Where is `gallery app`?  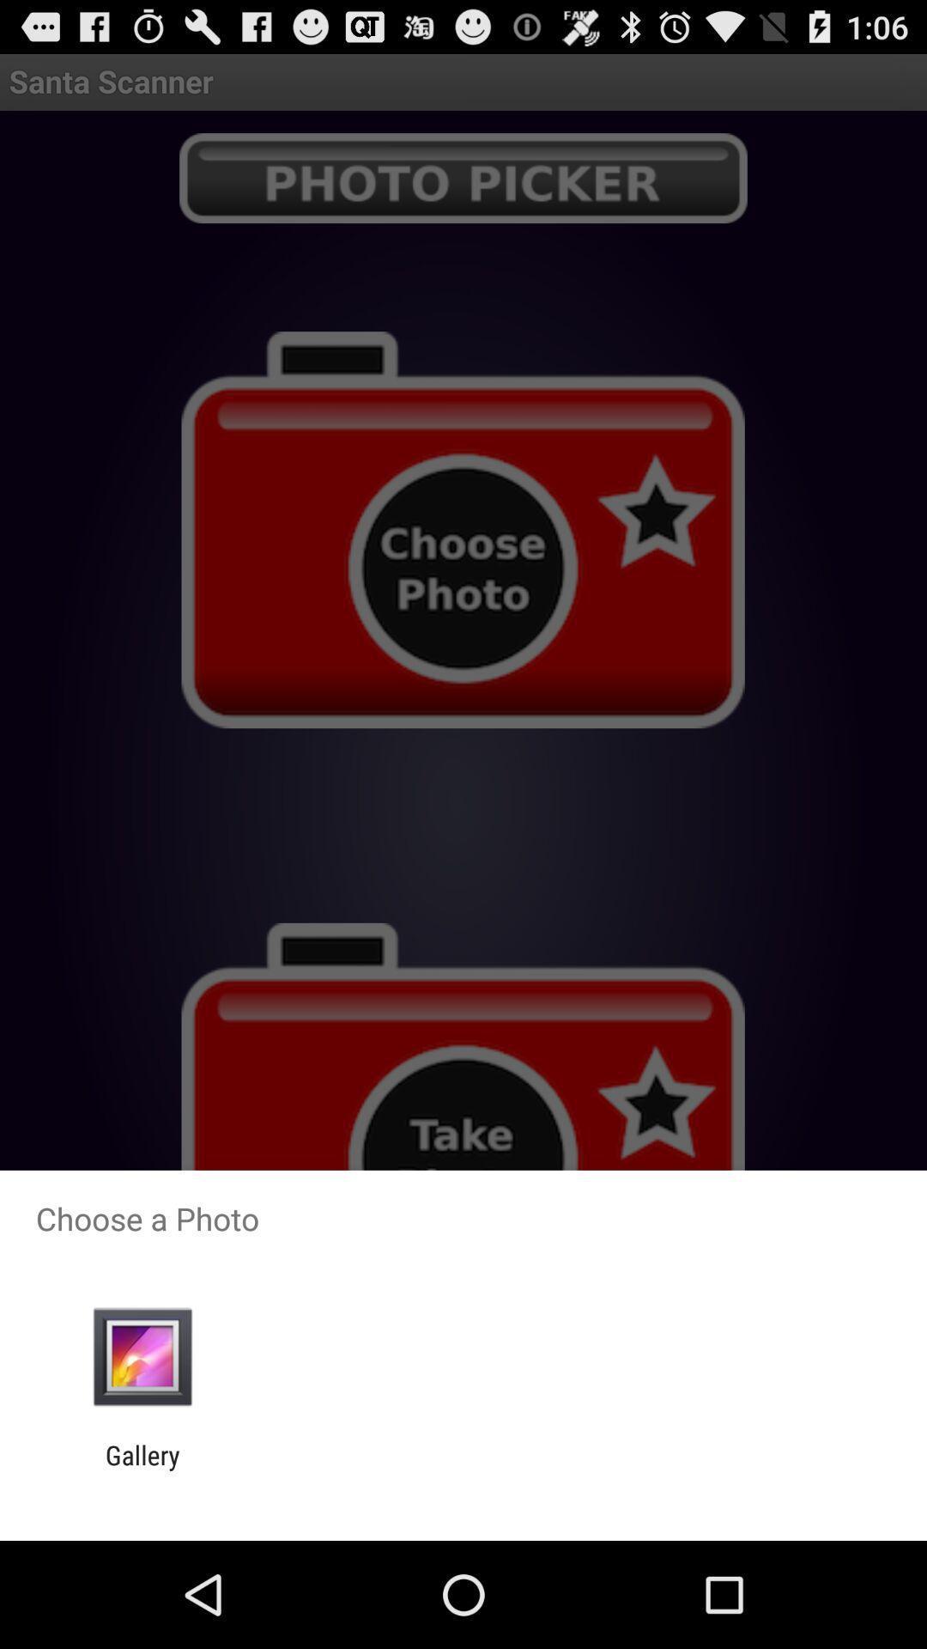
gallery app is located at coordinates (142, 1469).